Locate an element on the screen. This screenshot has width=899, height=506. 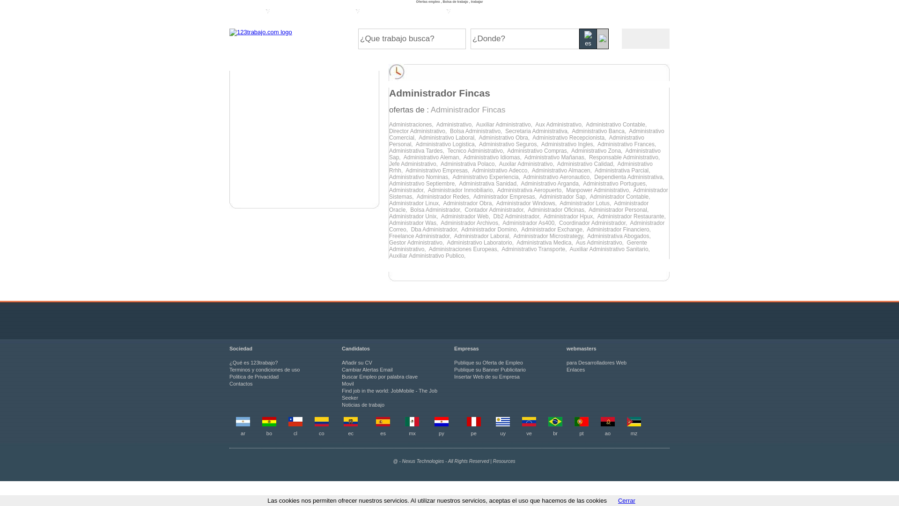
'Auxiliar Administrativo Publico, ' is located at coordinates (427, 256).